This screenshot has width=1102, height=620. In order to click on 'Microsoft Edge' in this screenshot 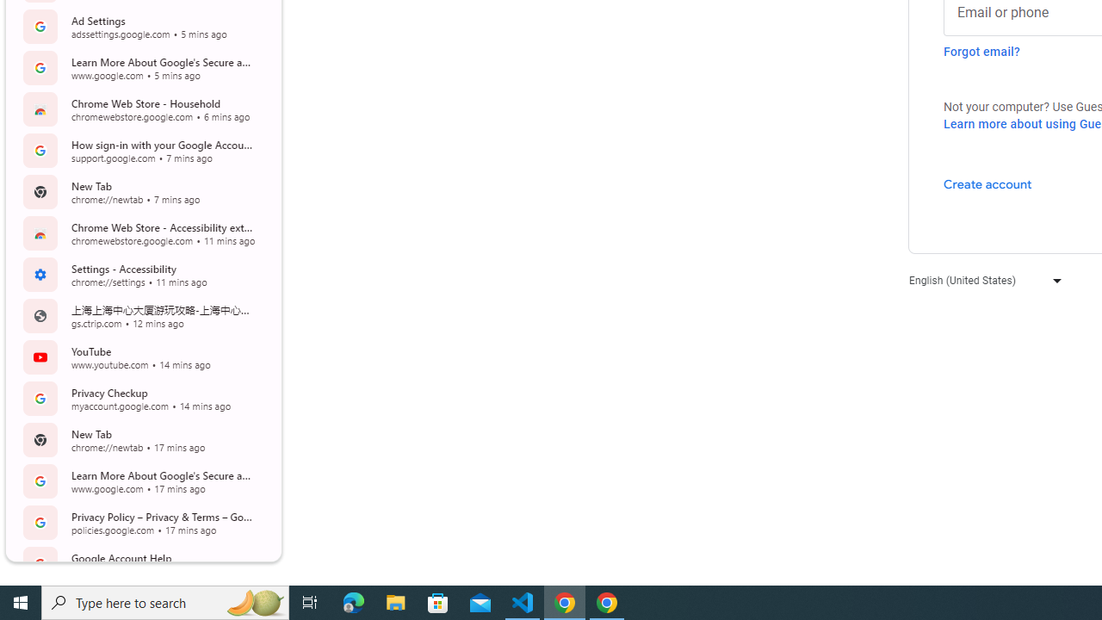, I will do `click(353, 601)`.